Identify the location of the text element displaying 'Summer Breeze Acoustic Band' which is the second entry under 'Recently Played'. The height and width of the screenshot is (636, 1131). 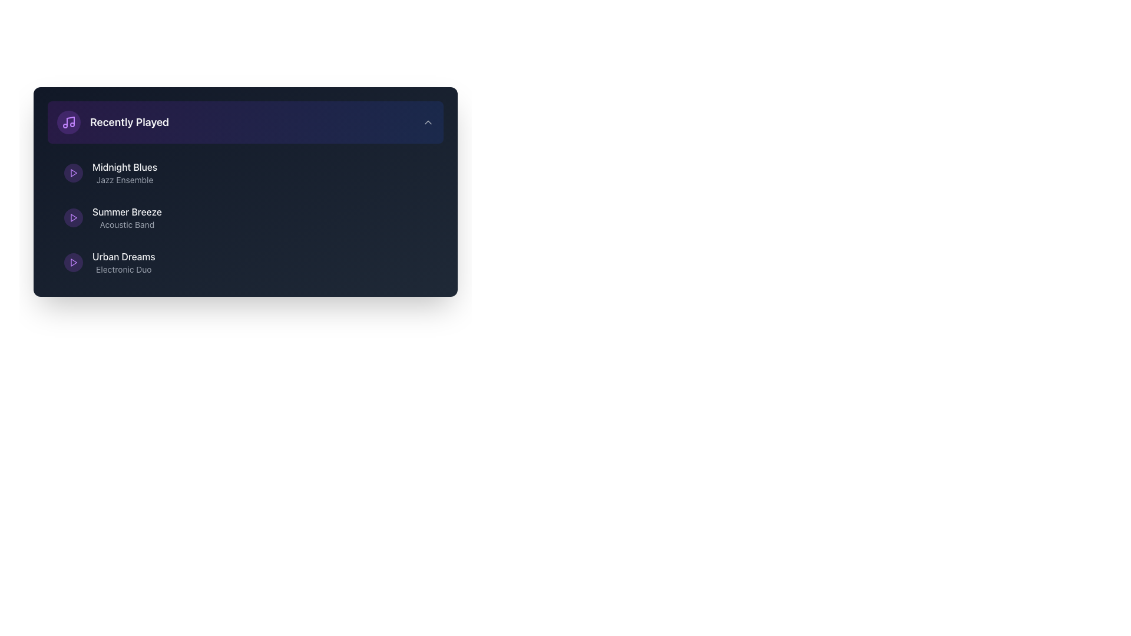
(113, 218).